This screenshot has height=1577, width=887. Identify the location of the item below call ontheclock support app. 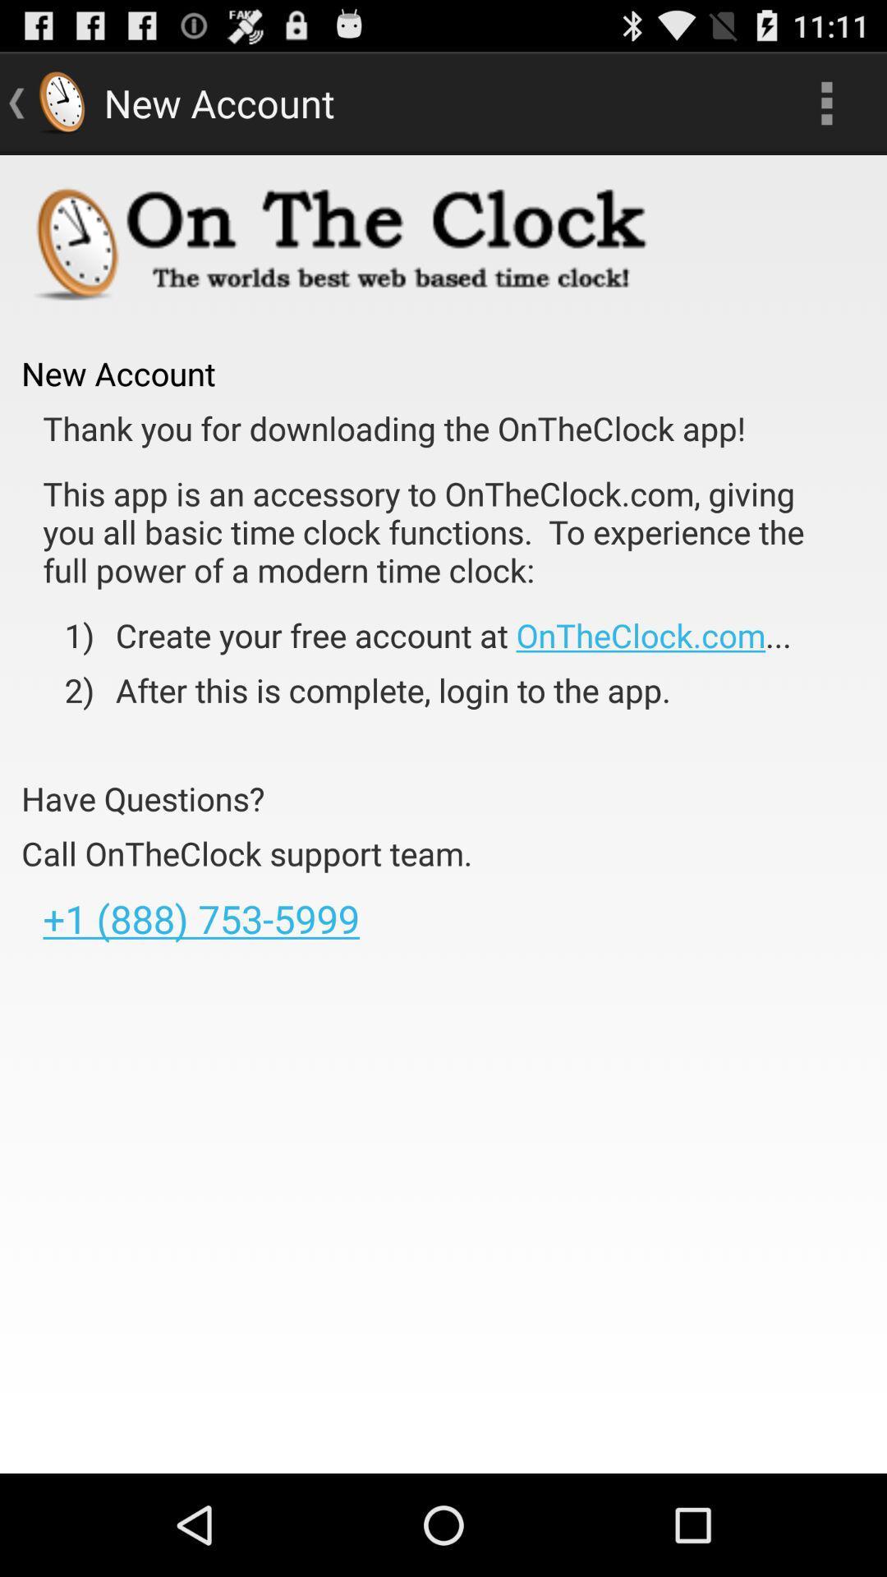
(200, 917).